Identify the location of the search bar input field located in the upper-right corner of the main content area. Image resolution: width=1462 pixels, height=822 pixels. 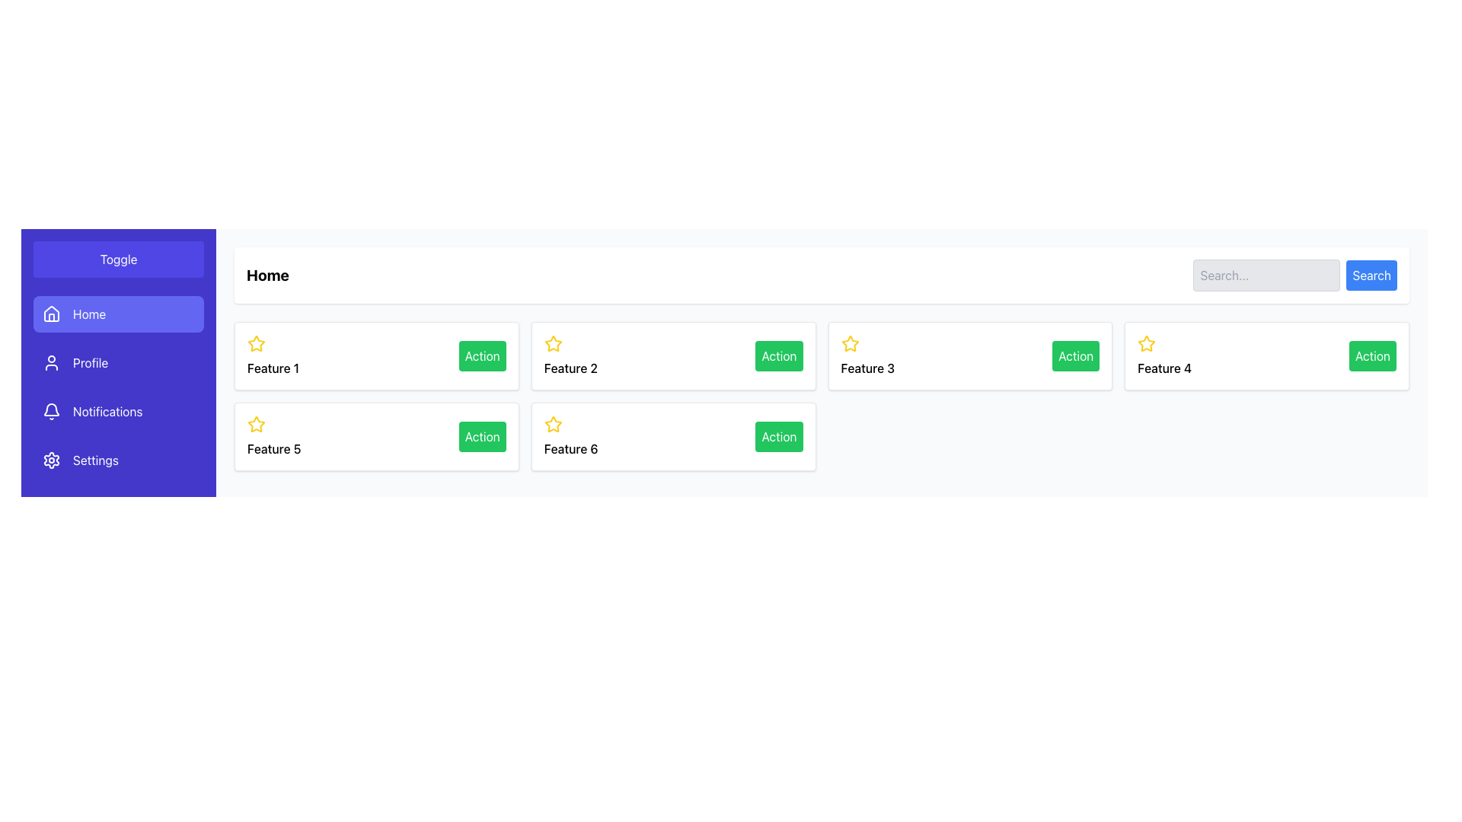
(1267, 276).